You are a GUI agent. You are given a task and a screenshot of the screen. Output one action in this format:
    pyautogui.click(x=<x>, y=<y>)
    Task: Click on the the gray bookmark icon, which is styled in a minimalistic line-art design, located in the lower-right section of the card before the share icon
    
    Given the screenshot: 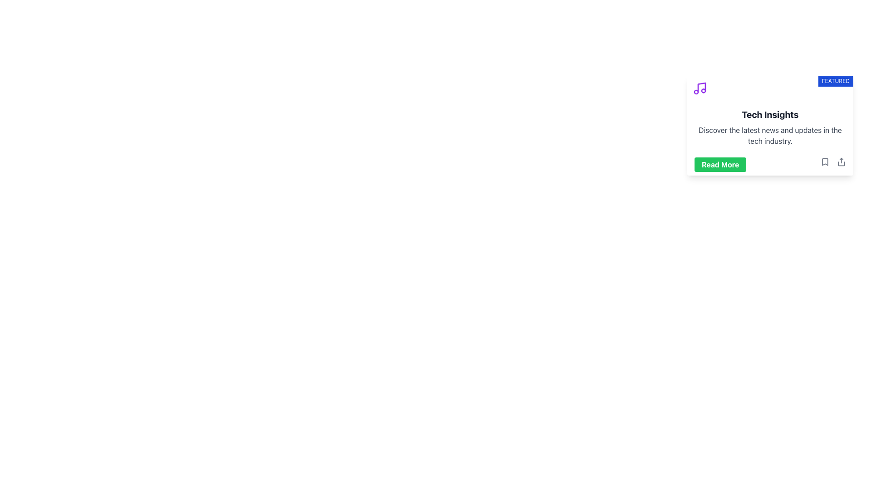 What is the action you would take?
    pyautogui.click(x=825, y=162)
    